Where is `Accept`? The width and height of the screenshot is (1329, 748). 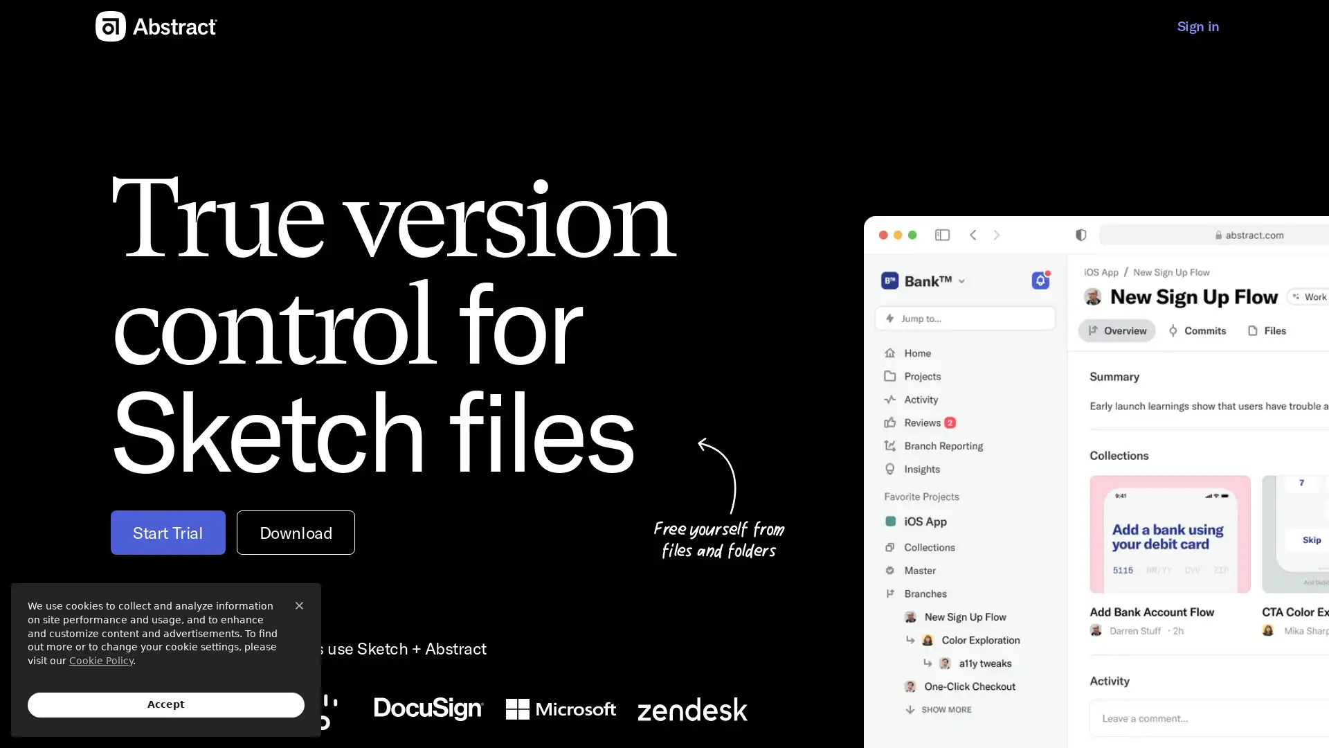 Accept is located at coordinates (166, 705).